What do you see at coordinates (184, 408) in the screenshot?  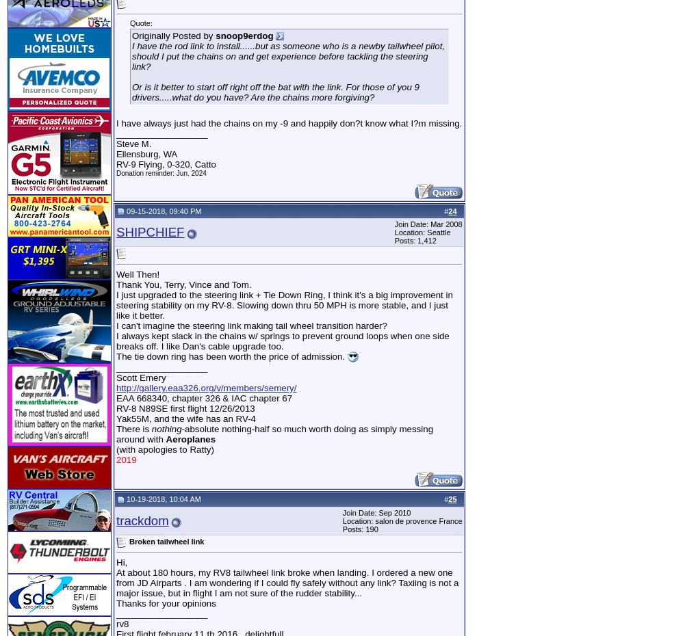 I see `'RV-8 N89SE  first flight 12/26/2013'` at bounding box center [184, 408].